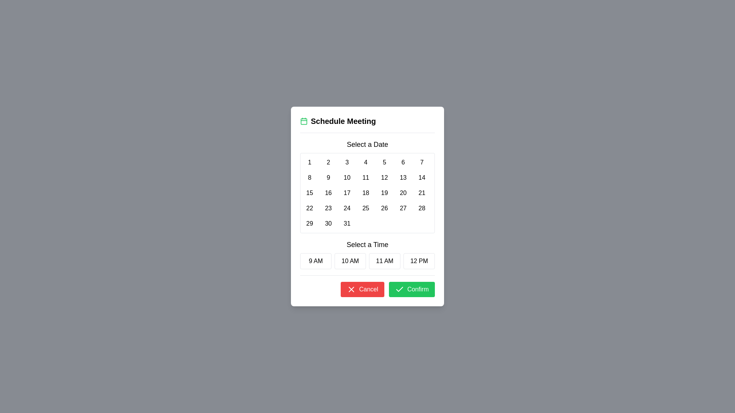 The height and width of the screenshot is (413, 735). What do you see at coordinates (310, 178) in the screenshot?
I see `the date selection button located in the second row, first column of the calendar grid` at bounding box center [310, 178].